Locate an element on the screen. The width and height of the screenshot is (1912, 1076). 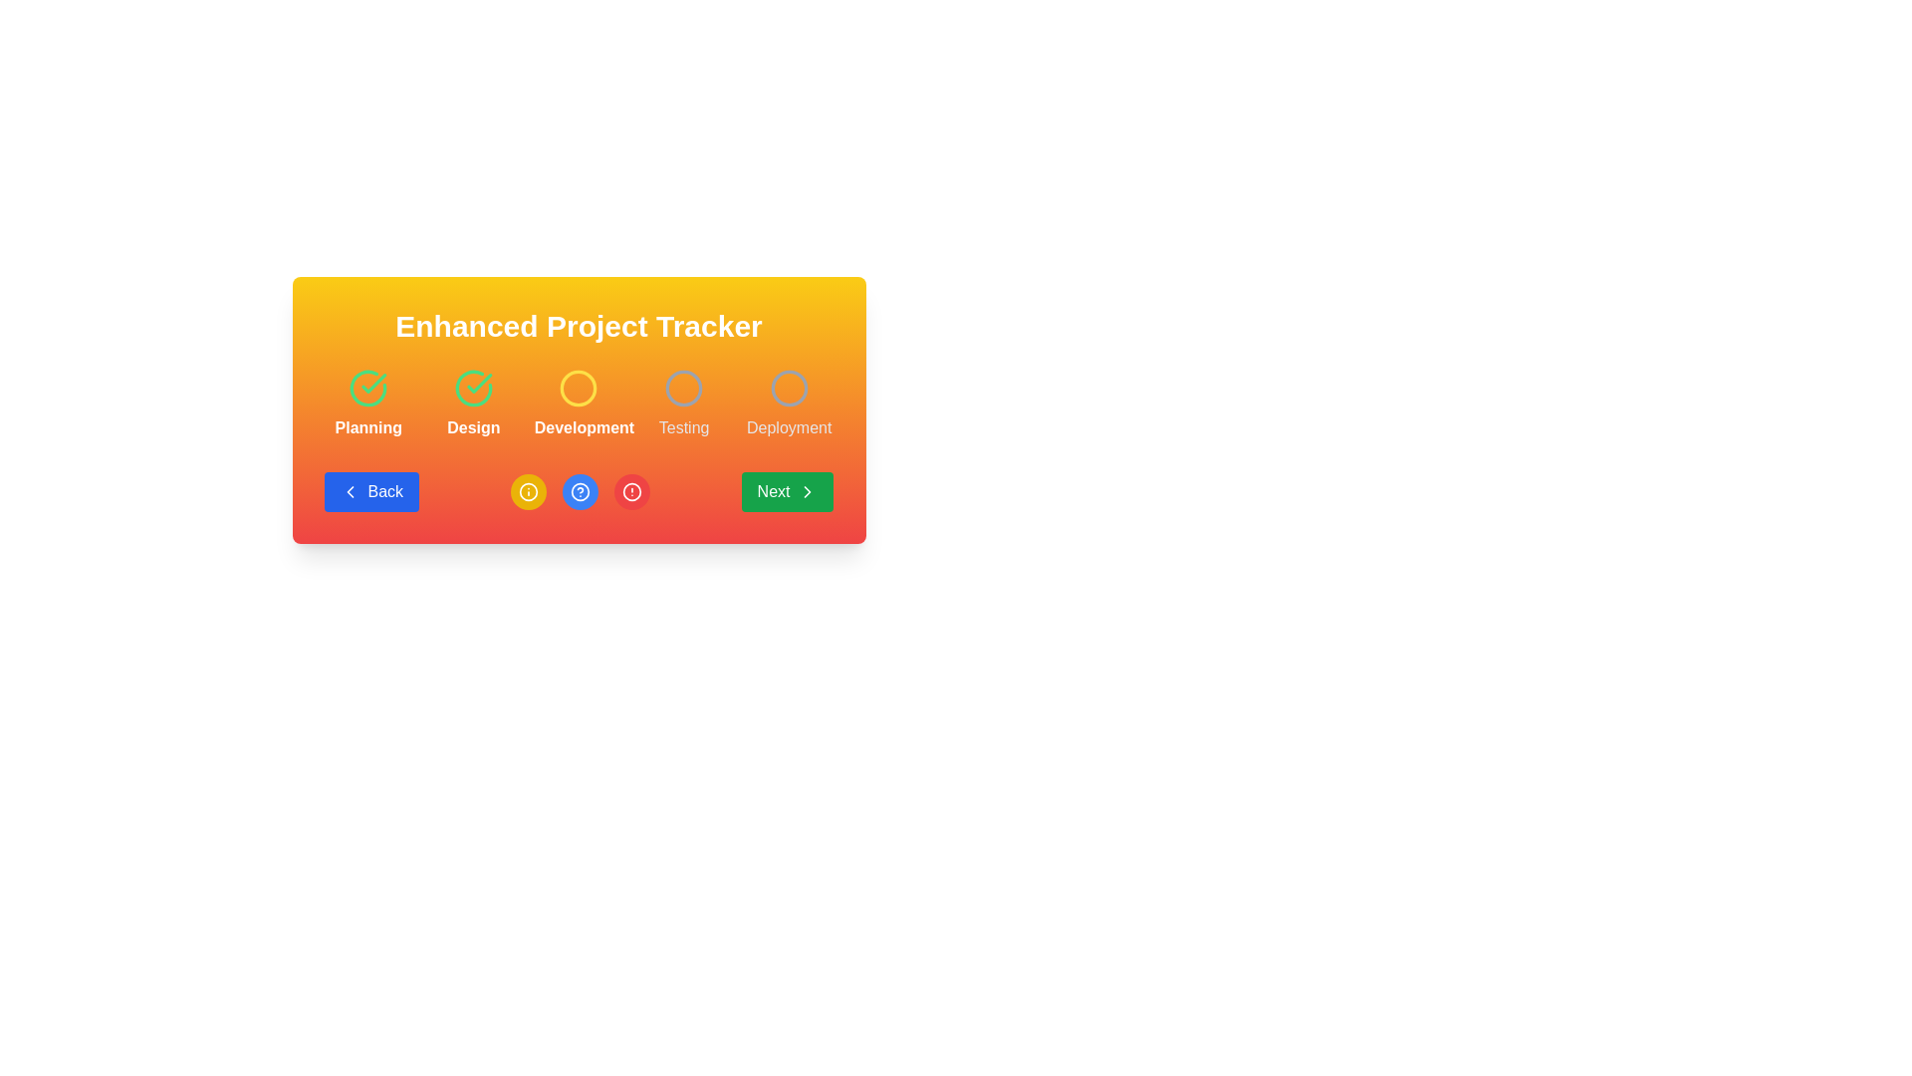
the fourth icon in the row, which serves as an indicator for the 'Testing' phase in the project tracking interface is located at coordinates (684, 388).